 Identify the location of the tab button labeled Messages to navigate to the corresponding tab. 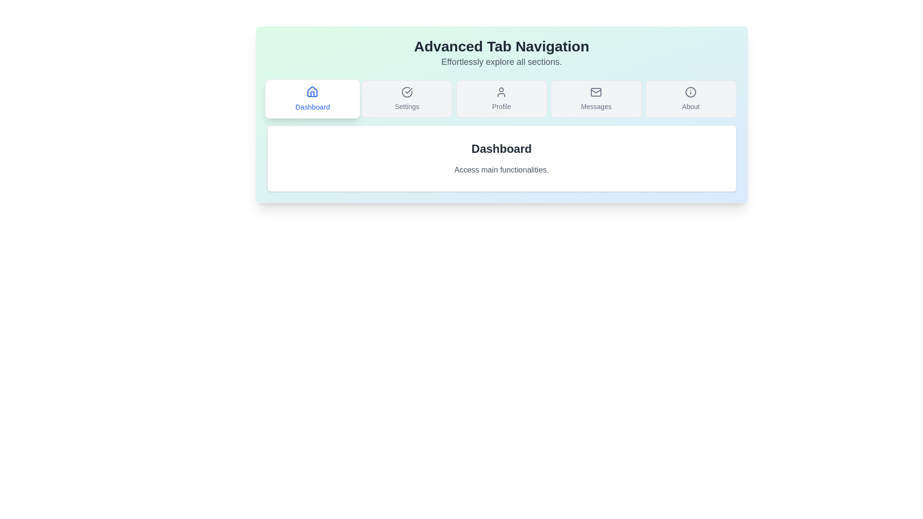
(596, 99).